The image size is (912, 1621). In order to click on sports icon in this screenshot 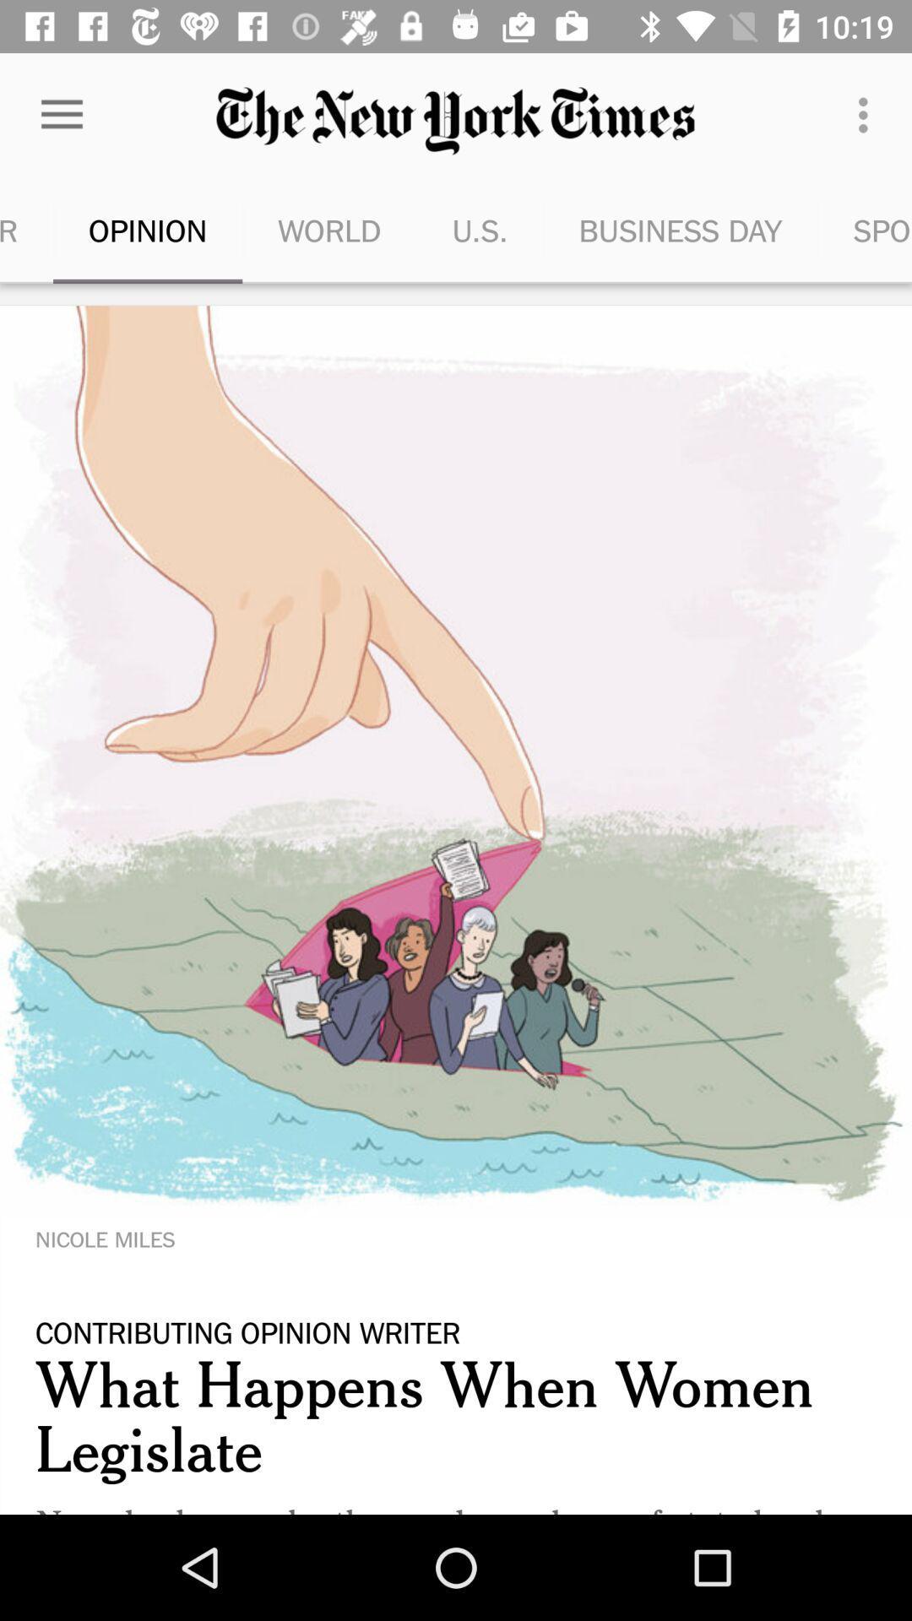, I will do `click(865, 230)`.